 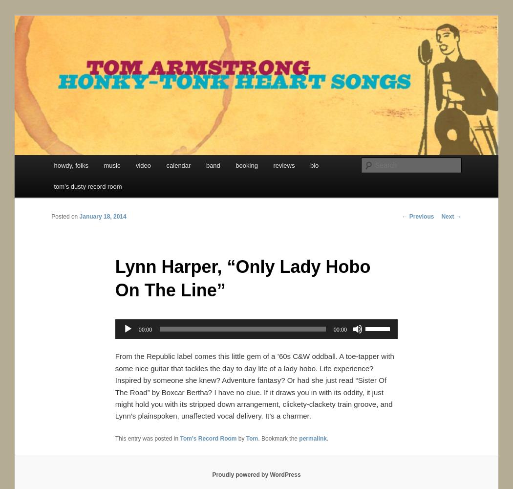 I want to click on 'Proudly powered by WordPress', so click(x=256, y=474).